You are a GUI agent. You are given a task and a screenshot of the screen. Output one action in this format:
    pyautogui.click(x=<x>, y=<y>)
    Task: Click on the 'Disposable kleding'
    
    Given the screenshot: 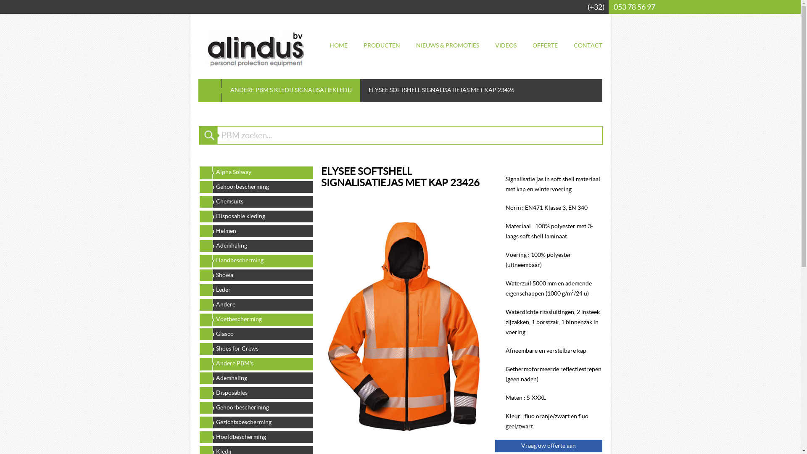 What is the action you would take?
    pyautogui.click(x=255, y=215)
    